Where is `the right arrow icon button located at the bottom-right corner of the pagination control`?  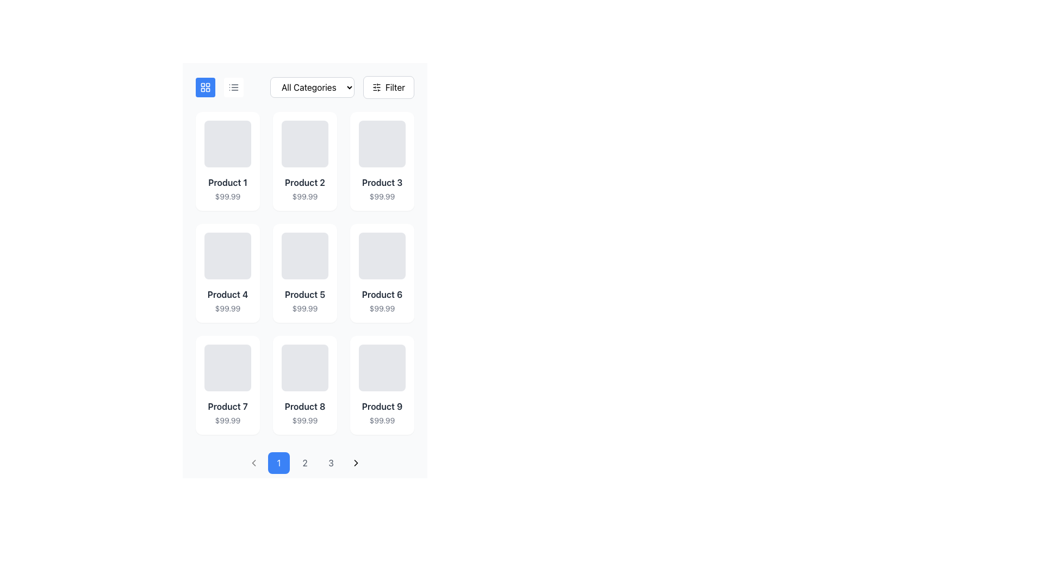
the right arrow icon button located at the bottom-right corner of the pagination control is located at coordinates (356, 463).